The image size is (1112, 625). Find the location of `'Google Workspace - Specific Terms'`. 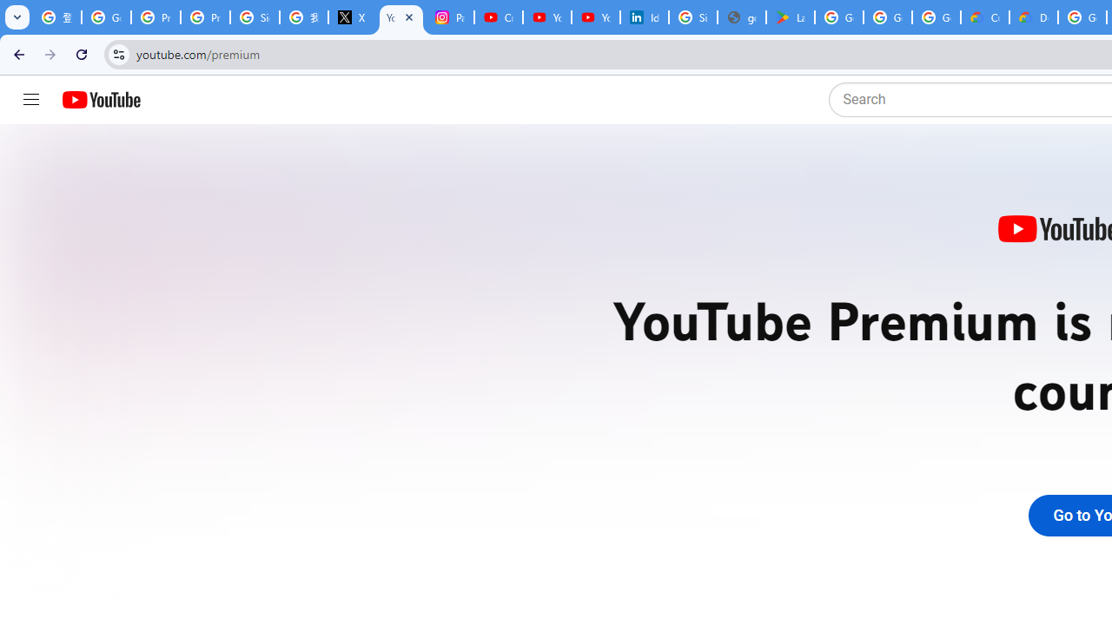

'Google Workspace - Specific Terms' is located at coordinates (935, 17).